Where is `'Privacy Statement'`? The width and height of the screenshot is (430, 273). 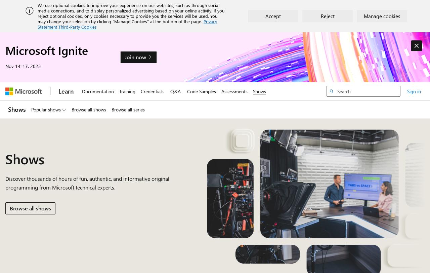 'Privacy Statement' is located at coordinates (127, 24).